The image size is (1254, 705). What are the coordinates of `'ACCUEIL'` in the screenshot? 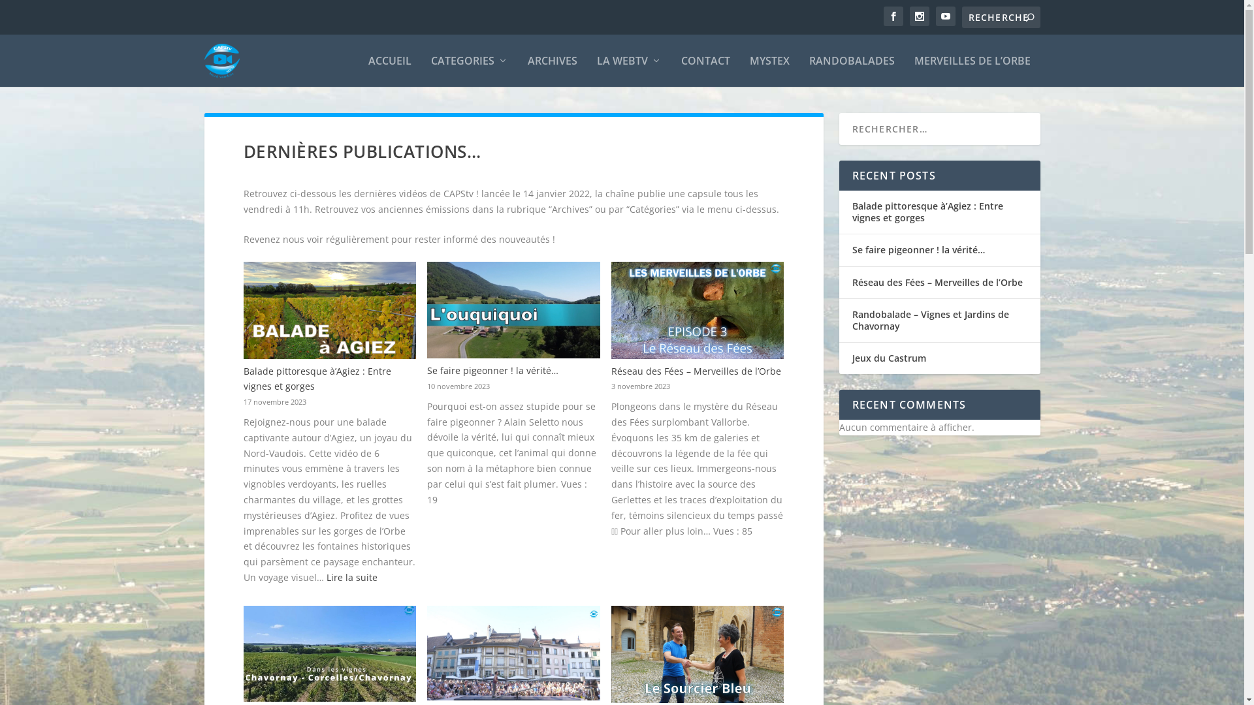 It's located at (389, 70).